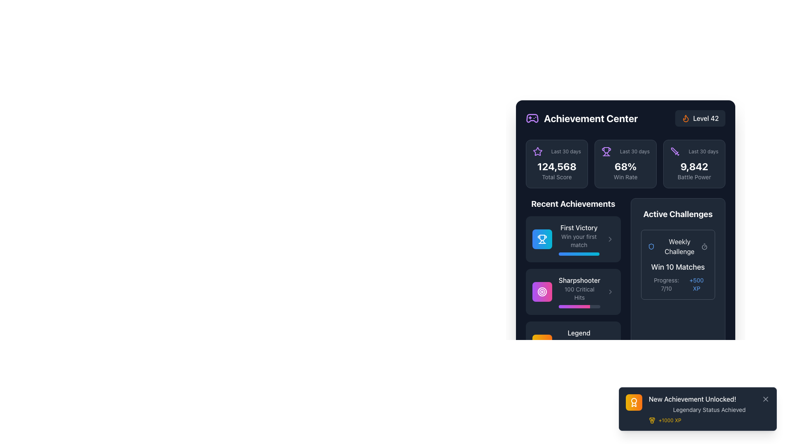  What do you see at coordinates (670, 420) in the screenshot?
I see `the text label displaying '+1000 XP' in yellow color, located near the bottom-right corner of the notification panel` at bounding box center [670, 420].